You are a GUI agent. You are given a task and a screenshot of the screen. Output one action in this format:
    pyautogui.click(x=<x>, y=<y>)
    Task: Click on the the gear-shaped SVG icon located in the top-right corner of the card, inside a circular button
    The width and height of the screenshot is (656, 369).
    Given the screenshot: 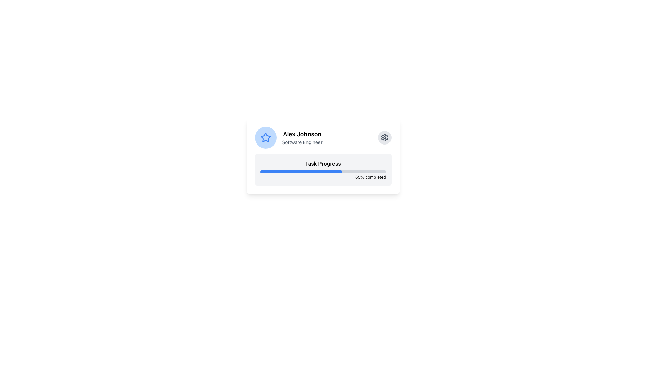 What is the action you would take?
    pyautogui.click(x=384, y=137)
    